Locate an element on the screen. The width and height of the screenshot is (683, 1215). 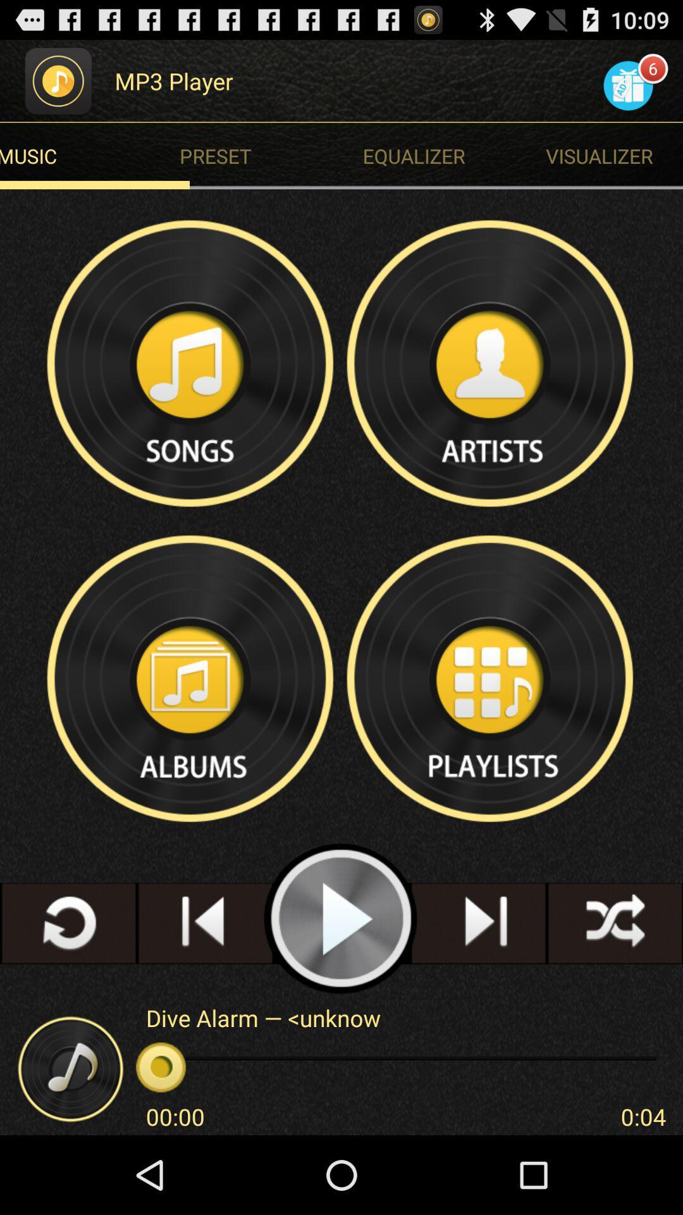
artists list is located at coordinates (490, 363).